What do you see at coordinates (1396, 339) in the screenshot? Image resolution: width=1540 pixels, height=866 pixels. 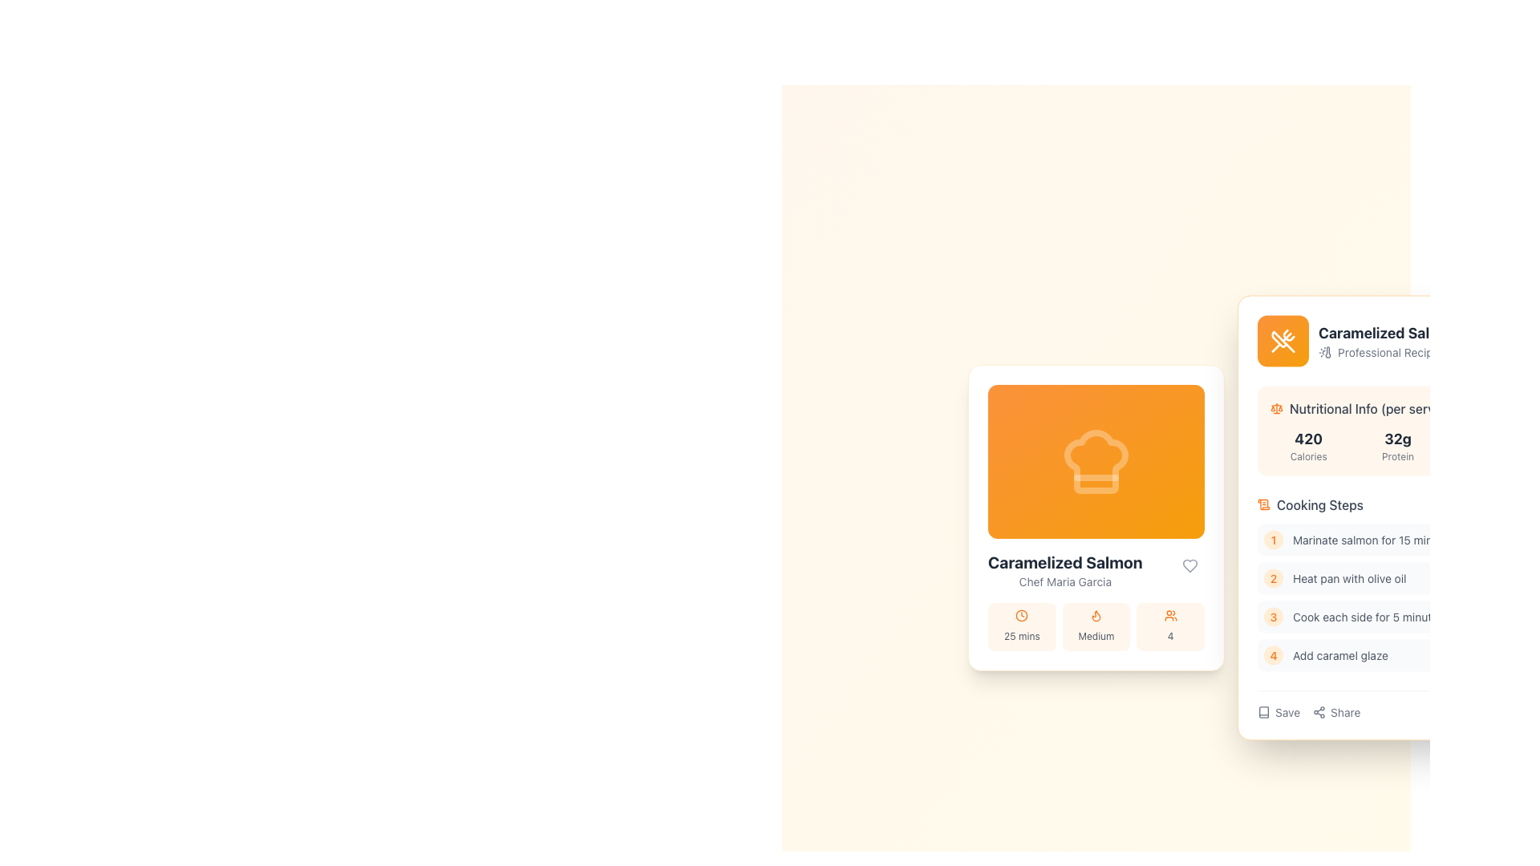 I see `the title-display component in the popup that includes a title and subtitle text, accompanied by an orange icon` at bounding box center [1396, 339].